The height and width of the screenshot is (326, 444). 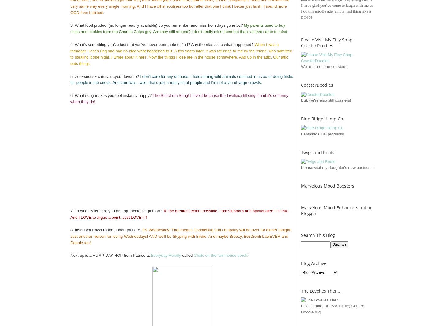 I want to click on 'Search This Blog', so click(x=318, y=235).